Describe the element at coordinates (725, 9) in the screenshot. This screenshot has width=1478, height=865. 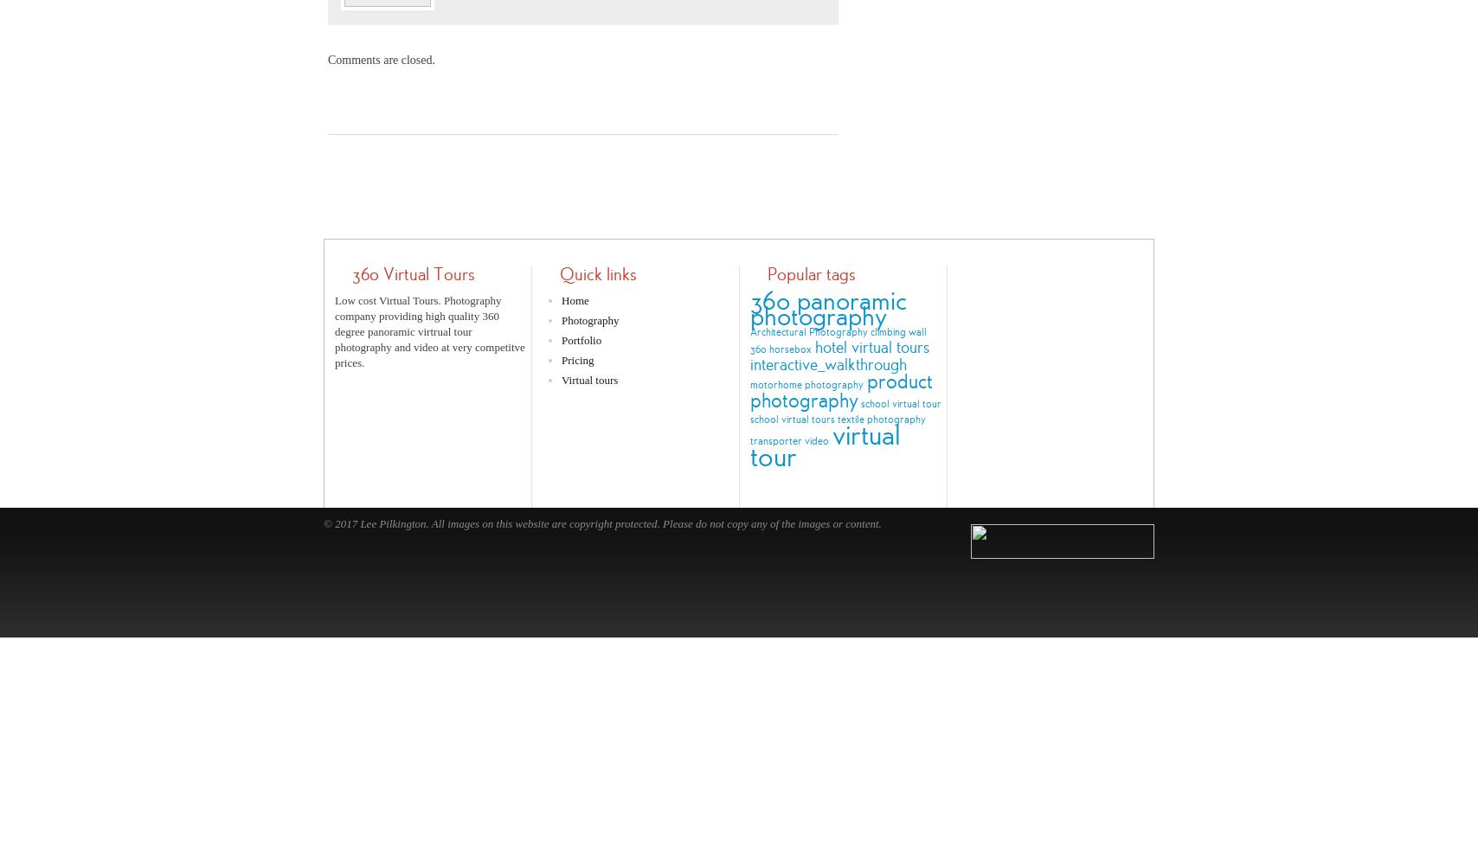
I see `'error:'` at that location.